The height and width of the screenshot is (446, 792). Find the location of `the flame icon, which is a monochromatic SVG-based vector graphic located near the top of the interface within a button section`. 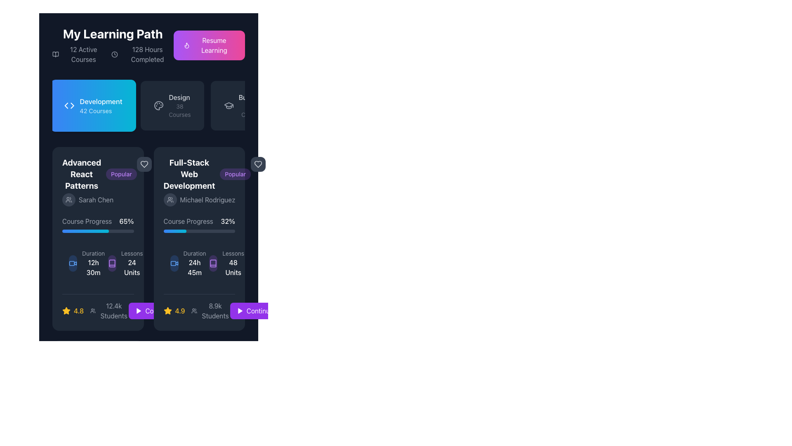

the flame icon, which is a monochromatic SVG-based vector graphic located near the top of the interface within a button section is located at coordinates (186, 45).